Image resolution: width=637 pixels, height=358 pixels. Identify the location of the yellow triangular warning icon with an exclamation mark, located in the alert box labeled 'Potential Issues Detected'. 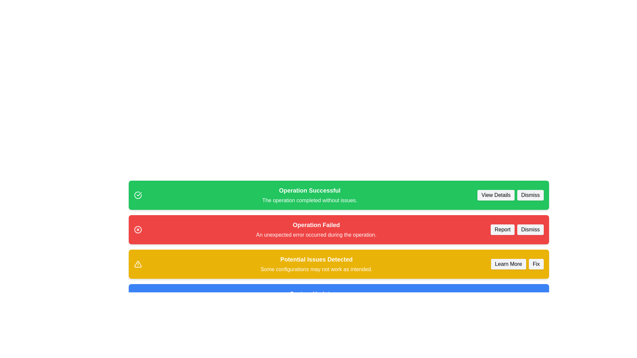
(138, 264).